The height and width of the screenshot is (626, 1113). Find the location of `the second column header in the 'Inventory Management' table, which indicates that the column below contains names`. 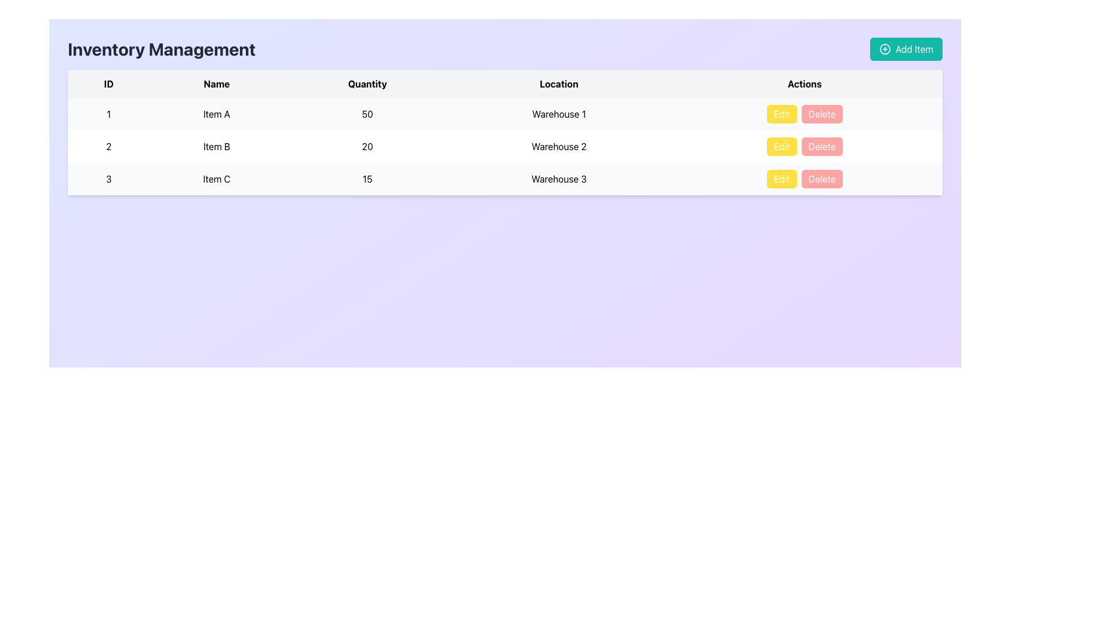

the second column header in the 'Inventory Management' table, which indicates that the column below contains names is located at coordinates (217, 83).